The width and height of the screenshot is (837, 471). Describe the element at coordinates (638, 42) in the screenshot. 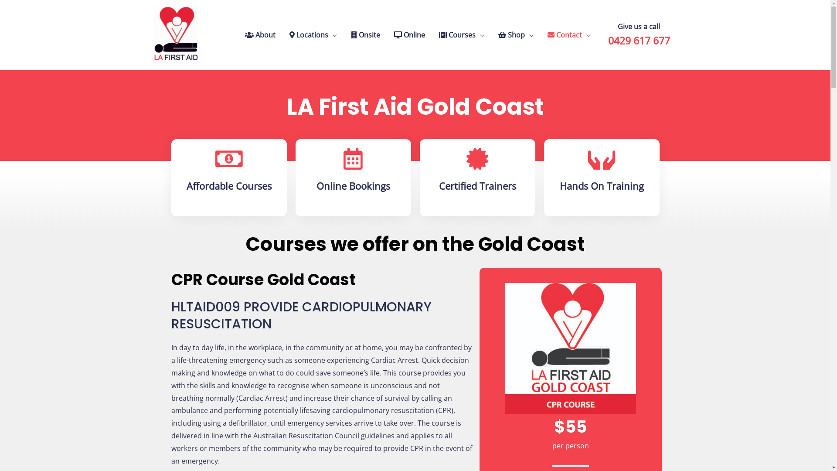

I see `'0429 617 677'` at that location.